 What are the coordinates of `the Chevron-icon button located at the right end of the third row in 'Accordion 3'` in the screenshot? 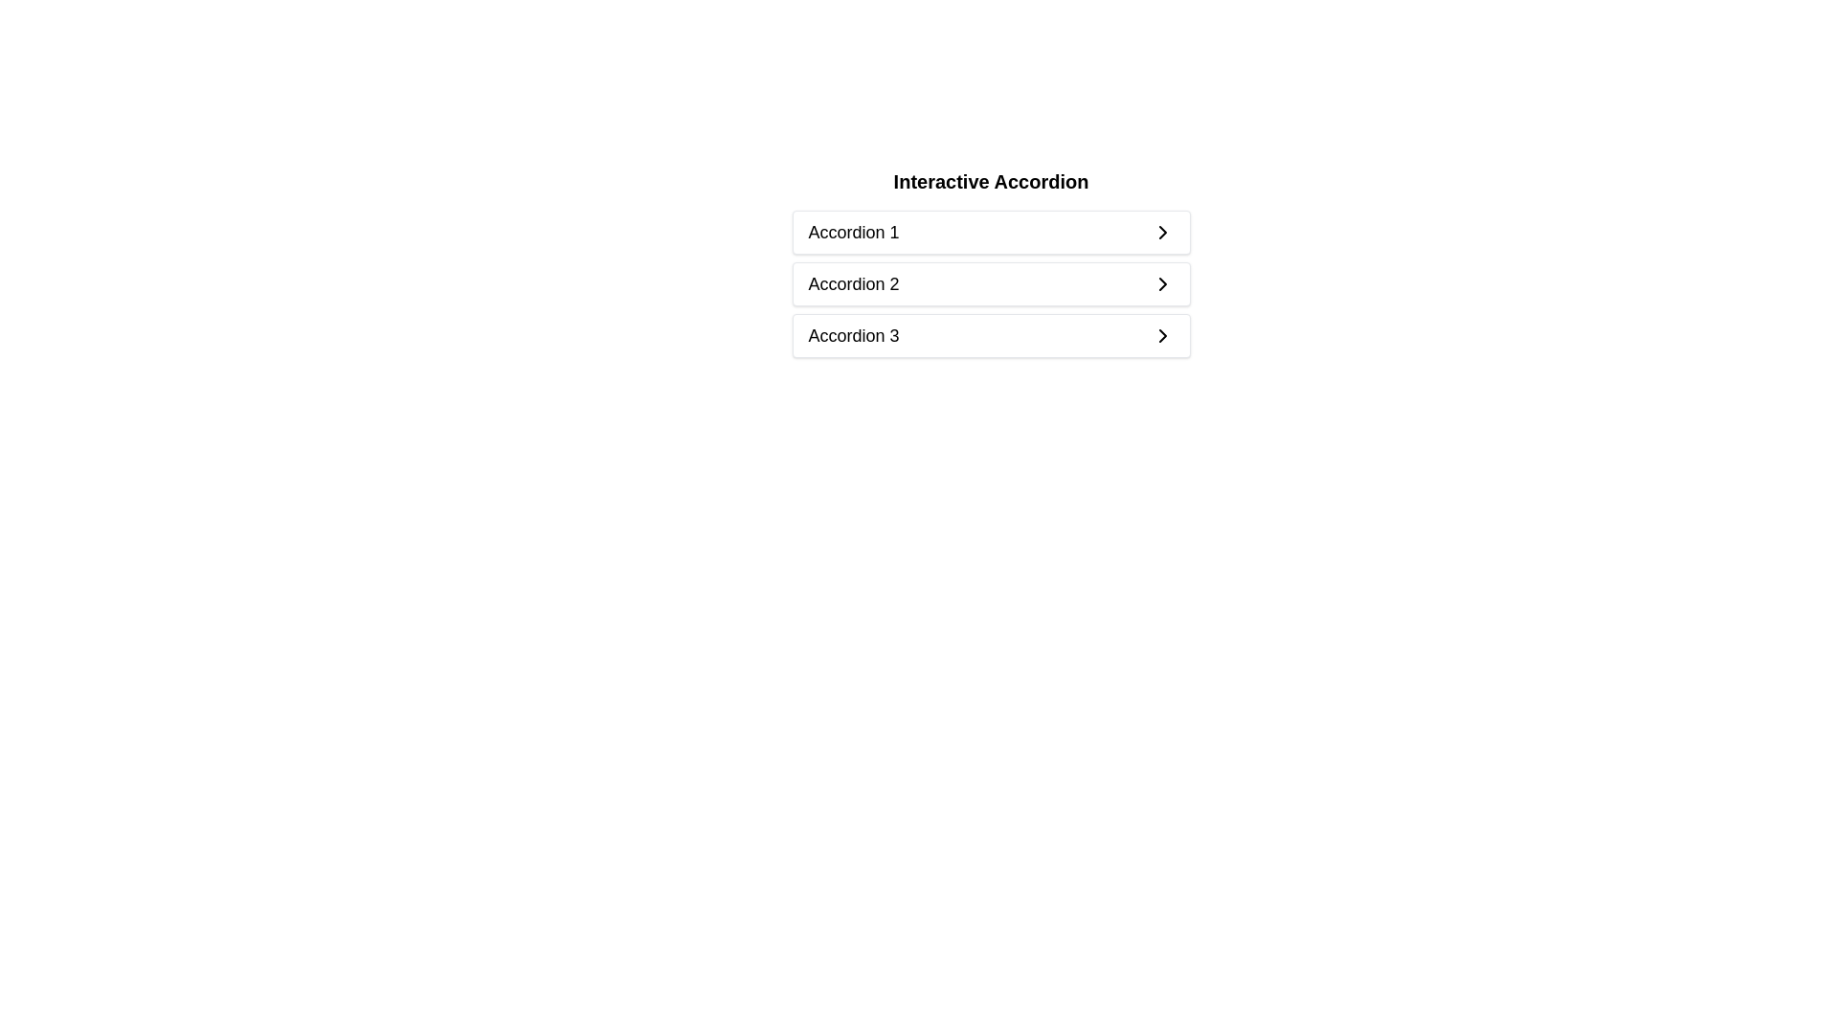 It's located at (1161, 335).